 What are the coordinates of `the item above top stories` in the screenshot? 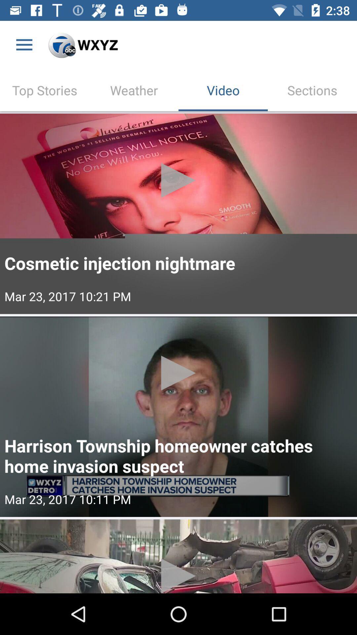 It's located at (24, 45).